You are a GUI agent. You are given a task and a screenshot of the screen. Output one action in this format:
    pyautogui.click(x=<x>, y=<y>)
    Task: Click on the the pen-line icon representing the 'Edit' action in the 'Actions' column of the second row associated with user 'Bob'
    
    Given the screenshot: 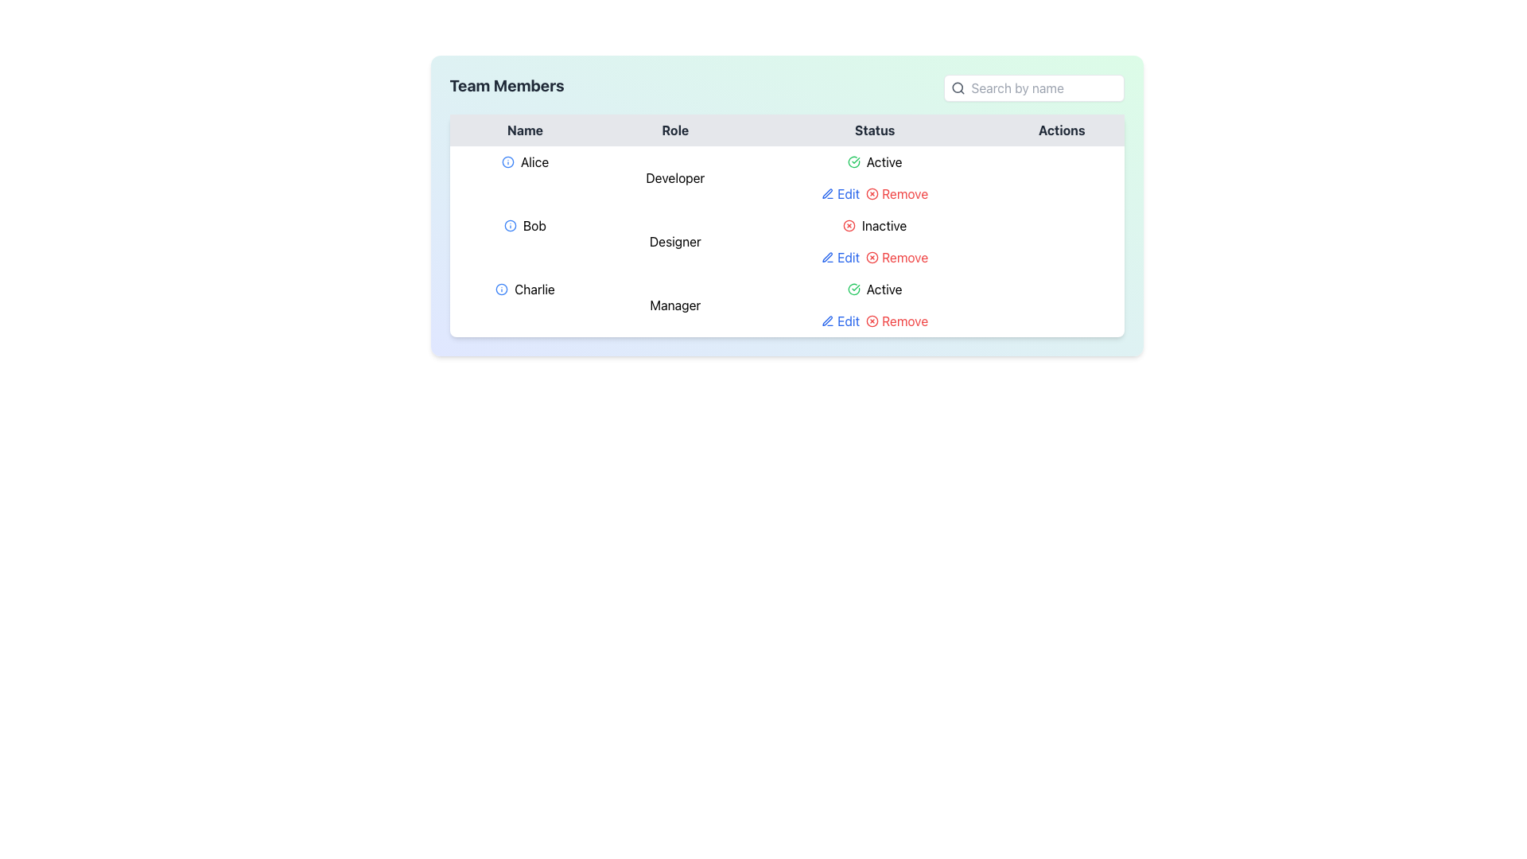 What is the action you would take?
    pyautogui.click(x=827, y=257)
    